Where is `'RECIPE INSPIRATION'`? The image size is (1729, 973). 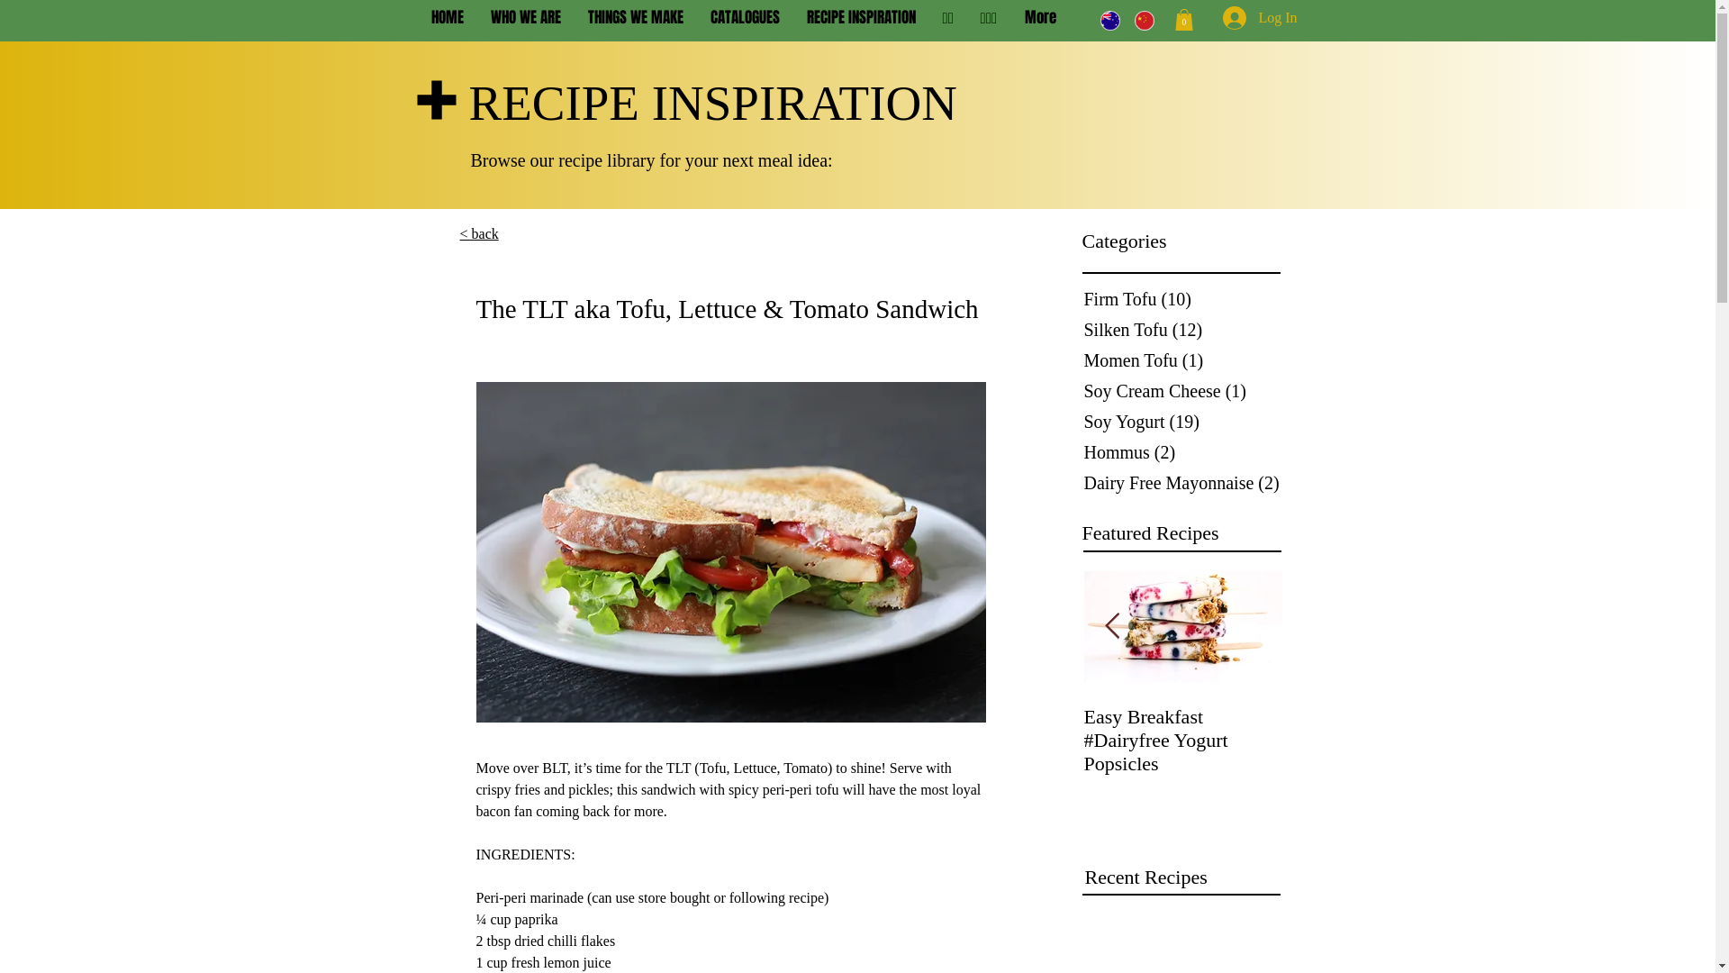 'RECIPE INSPIRATION' is located at coordinates (859, 17).